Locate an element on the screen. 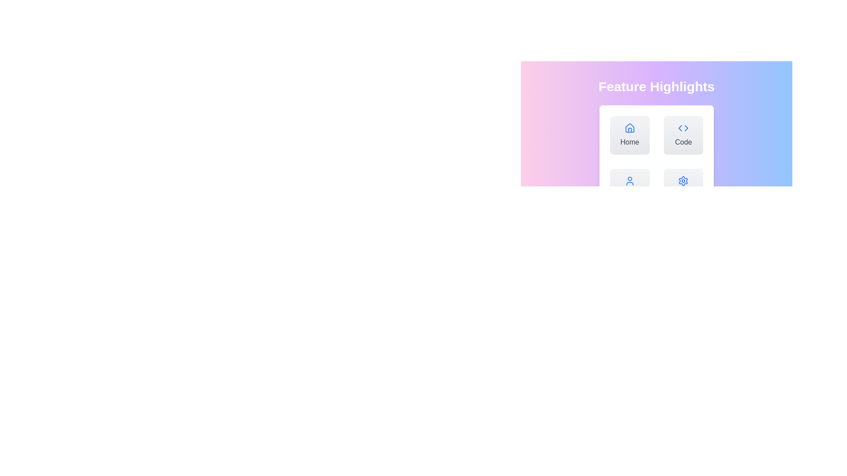  the 'Code' button, which is a square card with a gradient light gray background, a blue triangular code icon at the top center, and the word 'Code' in dark gray text, to interact with any hover effects is located at coordinates (683, 135).